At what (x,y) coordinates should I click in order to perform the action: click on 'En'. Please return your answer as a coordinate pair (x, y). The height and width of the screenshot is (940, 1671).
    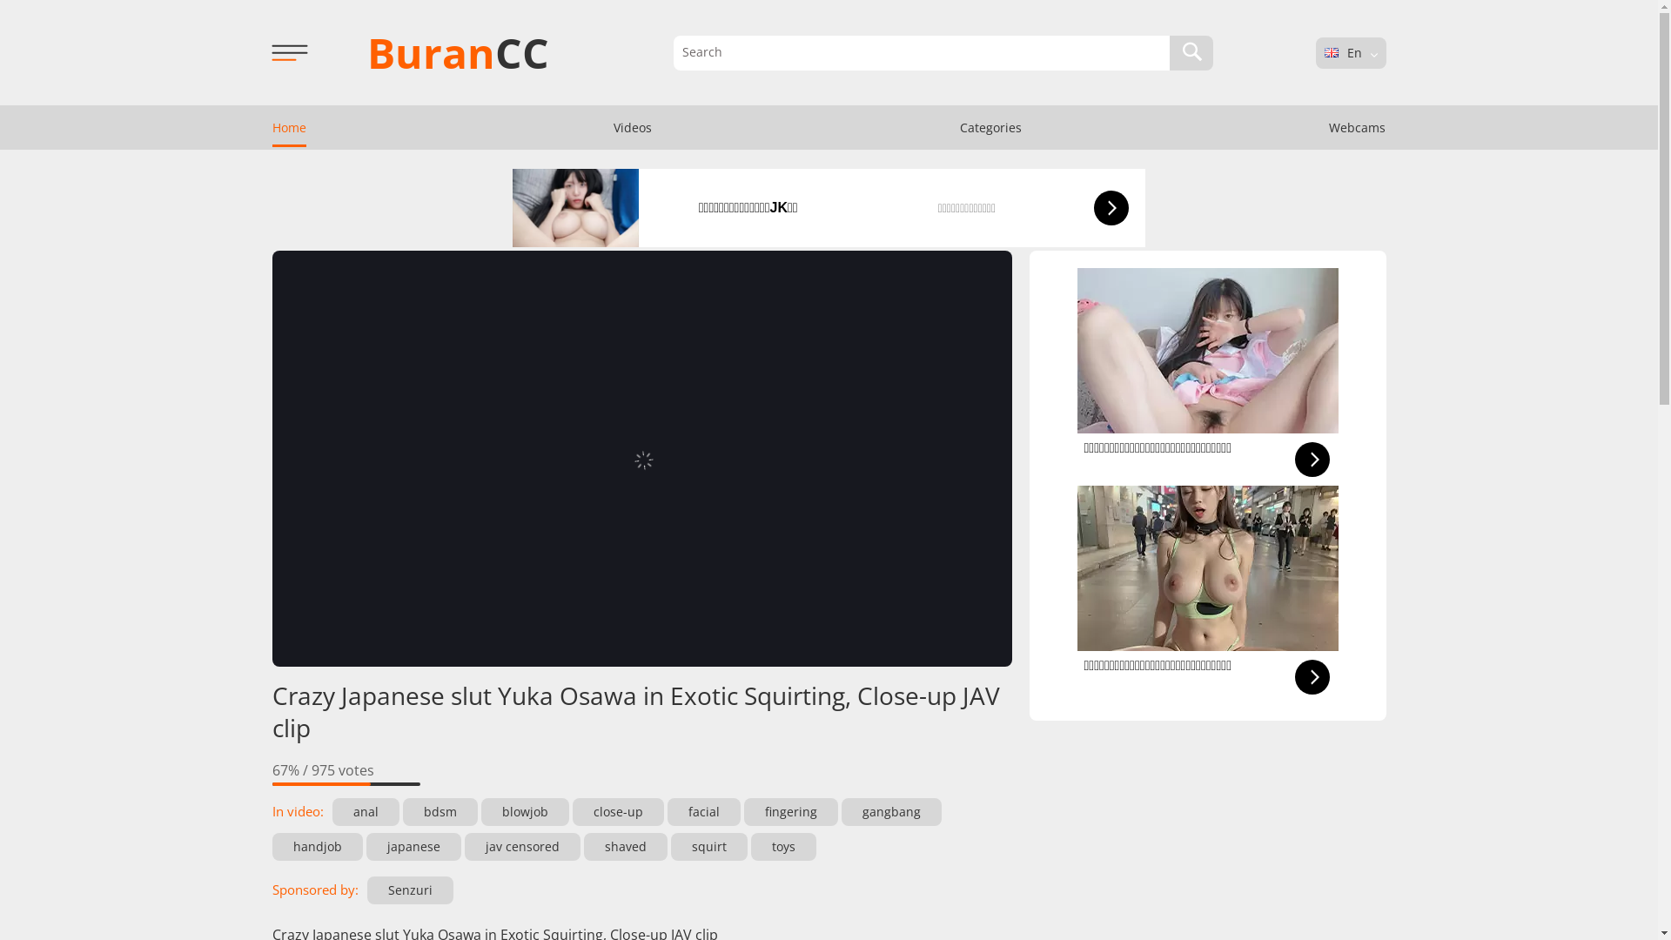
    Looking at the image, I should click on (1323, 51).